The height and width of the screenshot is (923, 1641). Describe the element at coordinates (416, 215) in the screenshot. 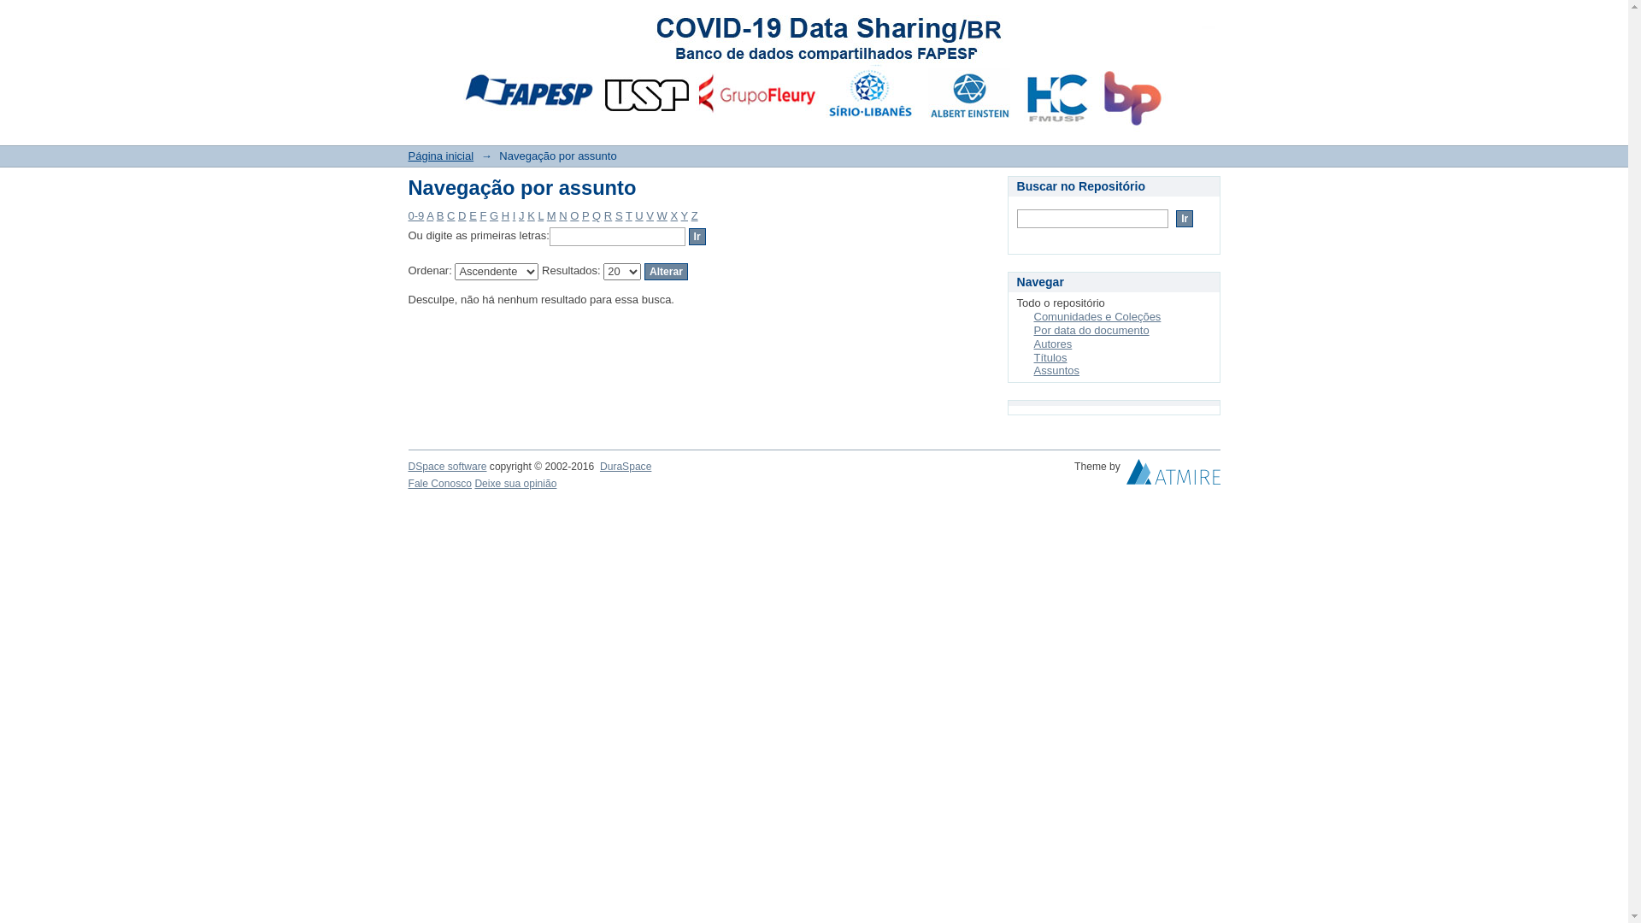

I see `'0-9'` at that location.